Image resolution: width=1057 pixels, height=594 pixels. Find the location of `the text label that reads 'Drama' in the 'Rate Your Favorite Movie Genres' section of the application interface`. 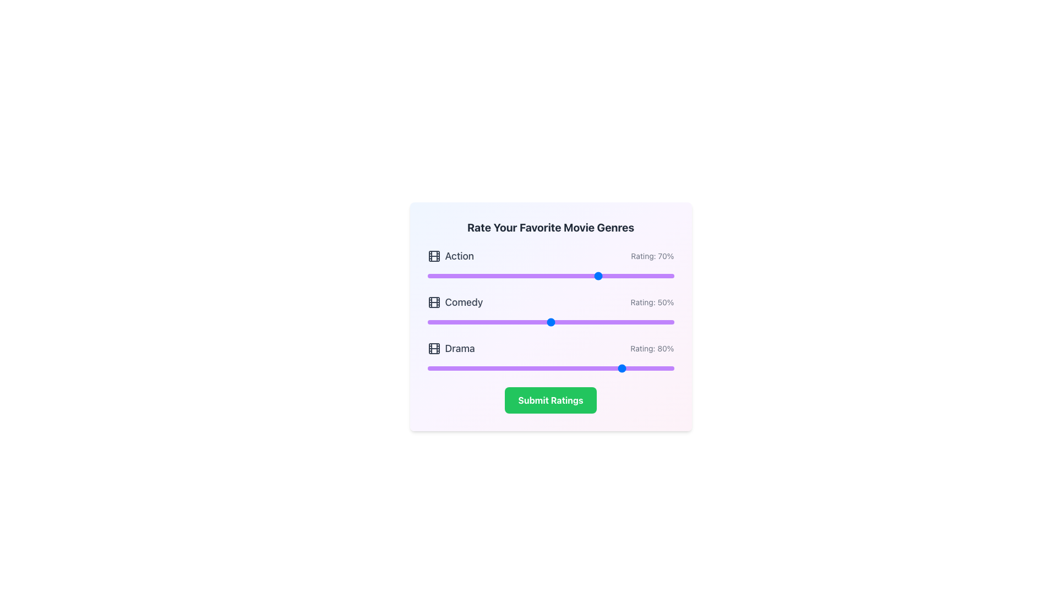

the text label that reads 'Drama' in the 'Rate Your Favorite Movie Genres' section of the application interface is located at coordinates (451, 348).